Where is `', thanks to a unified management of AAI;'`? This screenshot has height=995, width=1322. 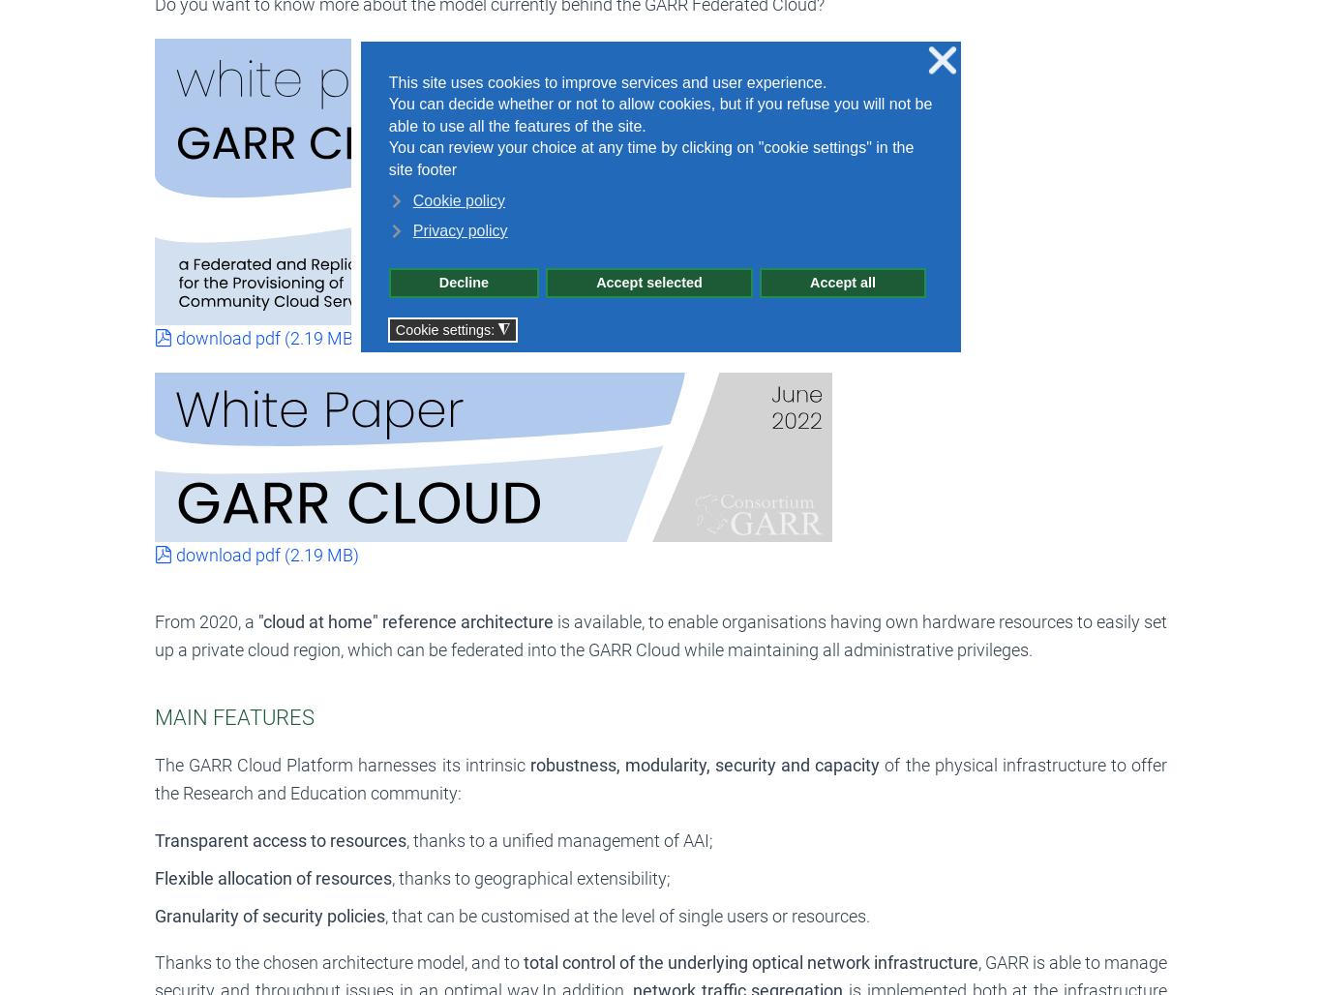
', thanks to a unified management of AAI;' is located at coordinates (558, 839).